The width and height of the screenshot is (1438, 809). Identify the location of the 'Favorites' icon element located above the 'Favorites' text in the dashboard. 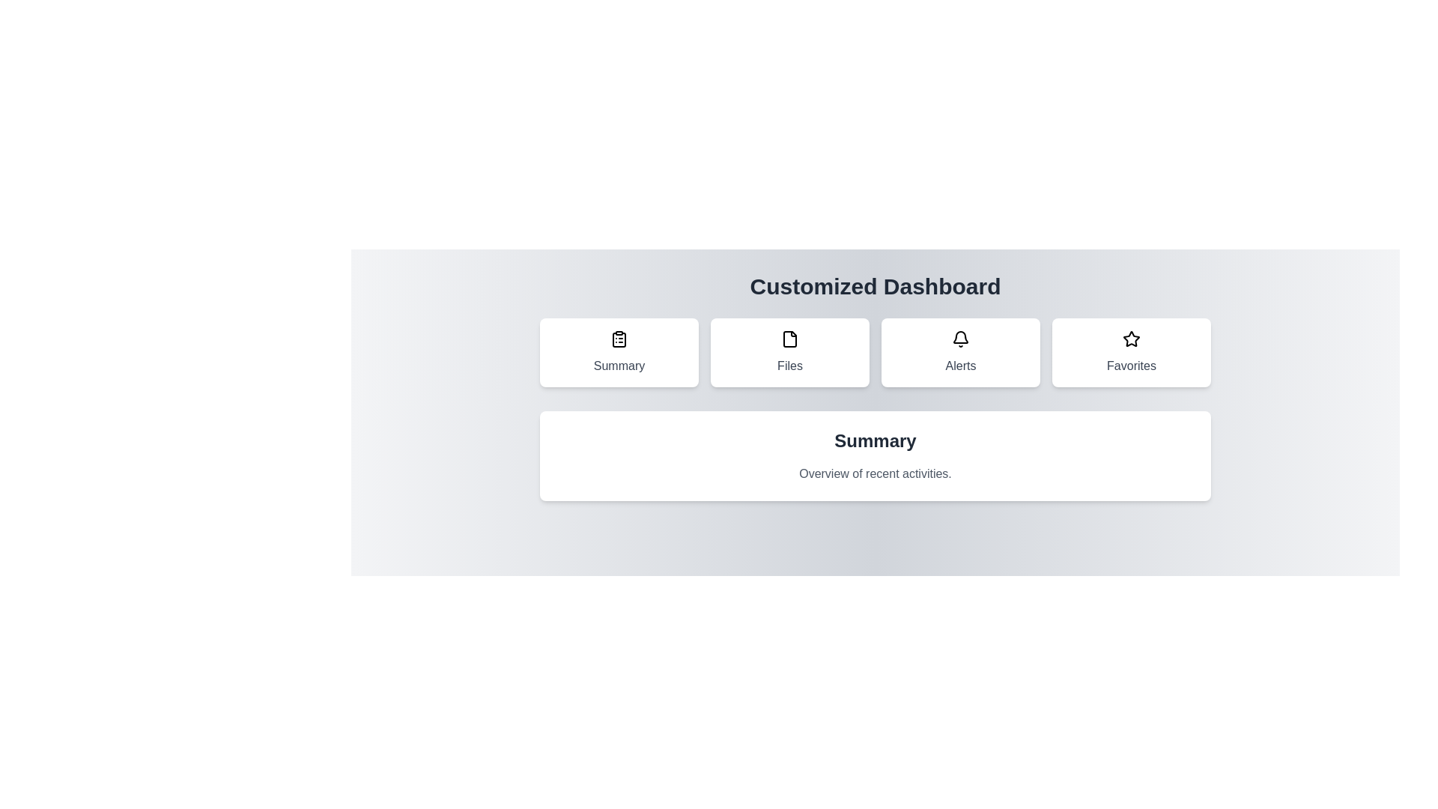
(1132, 339).